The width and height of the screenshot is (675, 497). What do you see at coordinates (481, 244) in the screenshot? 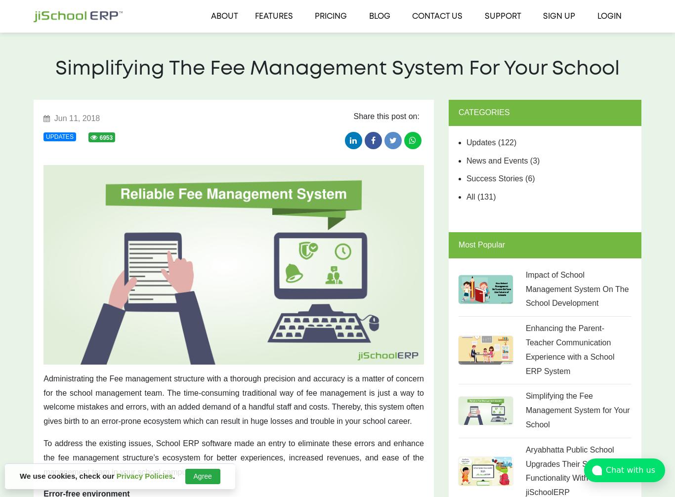
I see `'Most Popular'` at bounding box center [481, 244].